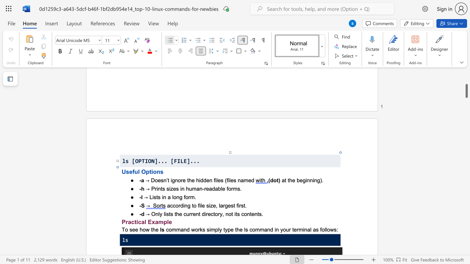 The image size is (470, 264). Describe the element at coordinates (155, 229) in the screenshot. I see `the space between the continuous character "h" and "e" in the text` at that location.